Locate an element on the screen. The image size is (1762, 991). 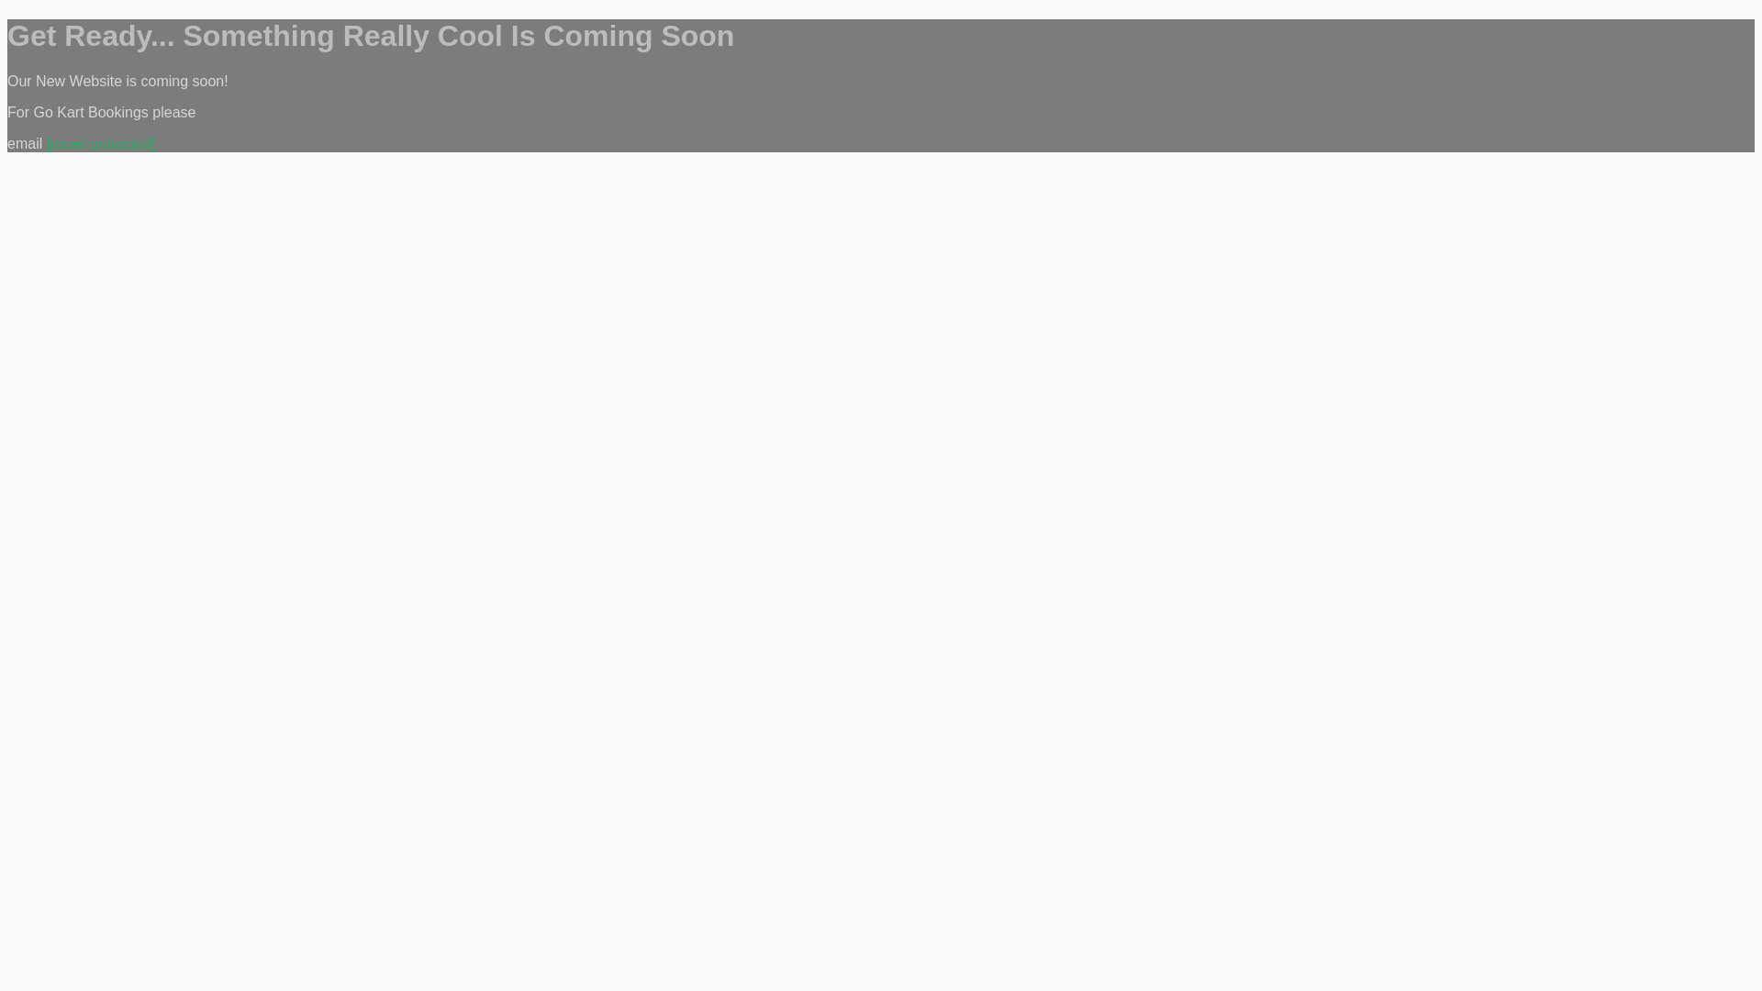
'[email protected]' is located at coordinates (100, 142).